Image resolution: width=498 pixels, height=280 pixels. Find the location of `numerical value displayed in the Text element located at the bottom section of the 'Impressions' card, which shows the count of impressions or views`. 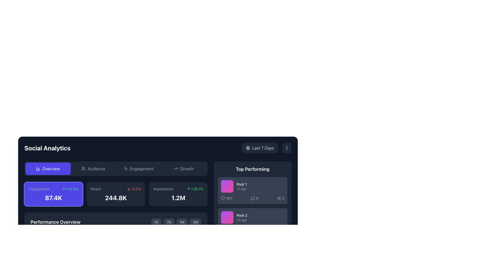

numerical value displayed in the Text element located at the bottom section of the 'Impressions' card, which shows the count of impressions or views is located at coordinates (178, 198).